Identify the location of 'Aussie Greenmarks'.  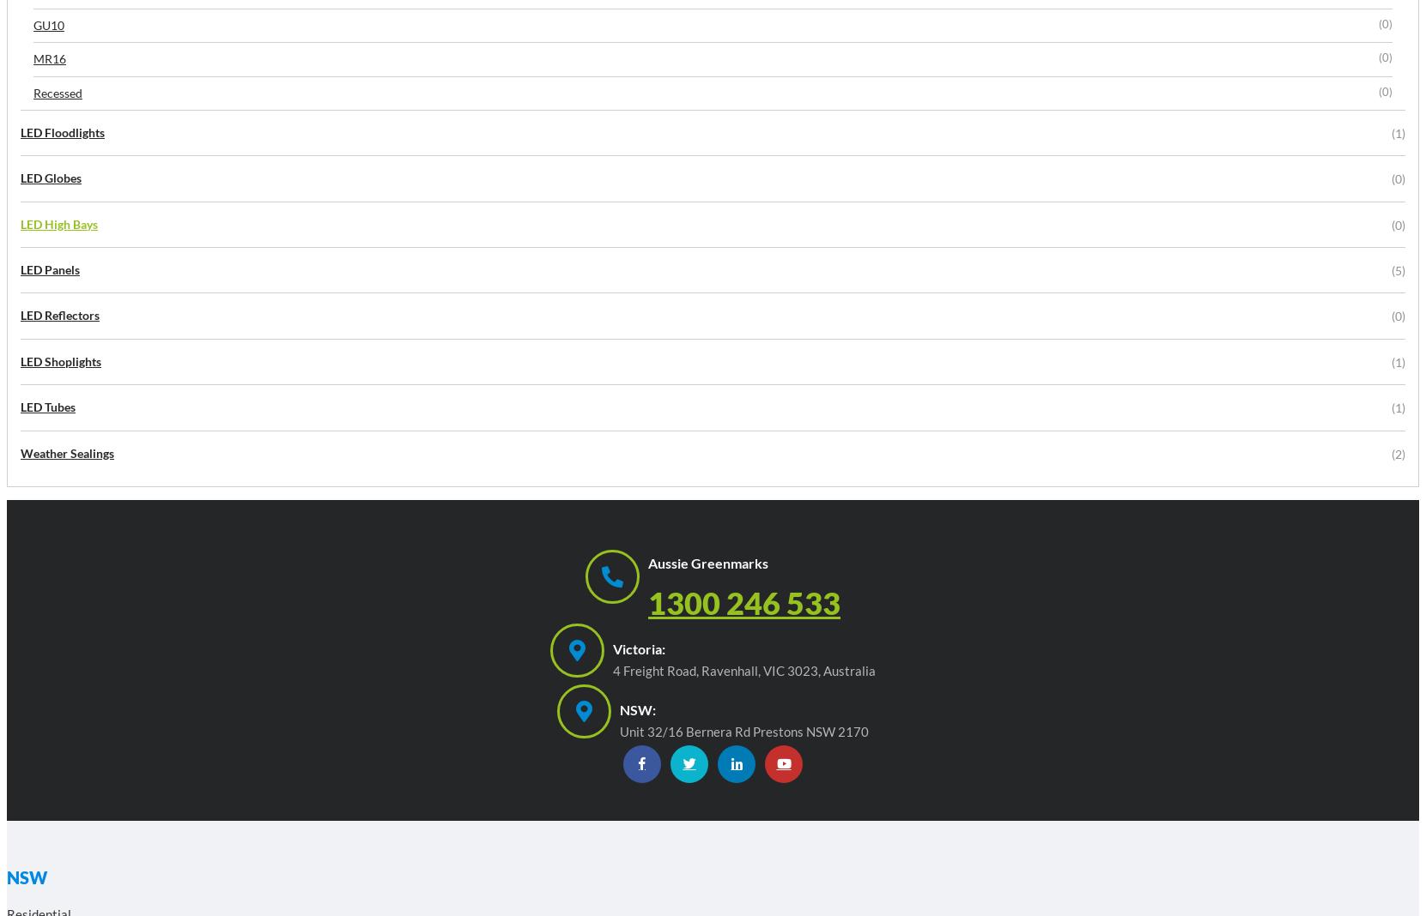
(707, 562).